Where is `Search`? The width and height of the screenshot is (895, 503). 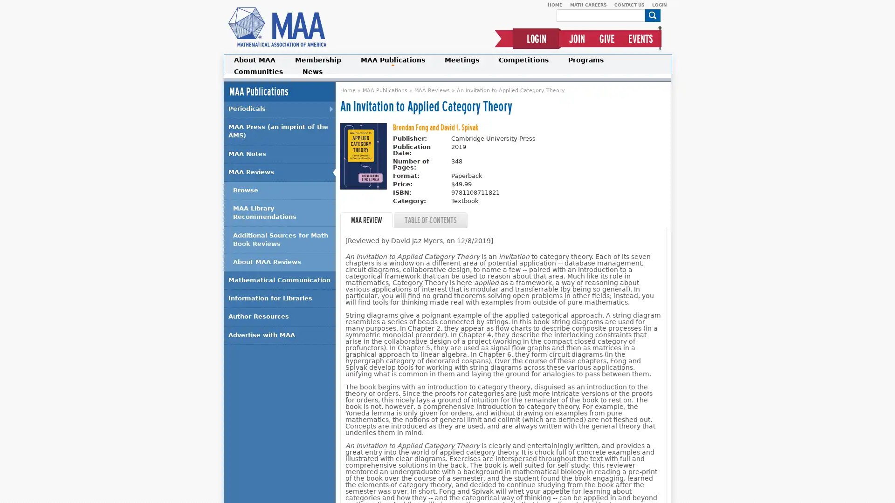
Search is located at coordinates (652, 15).